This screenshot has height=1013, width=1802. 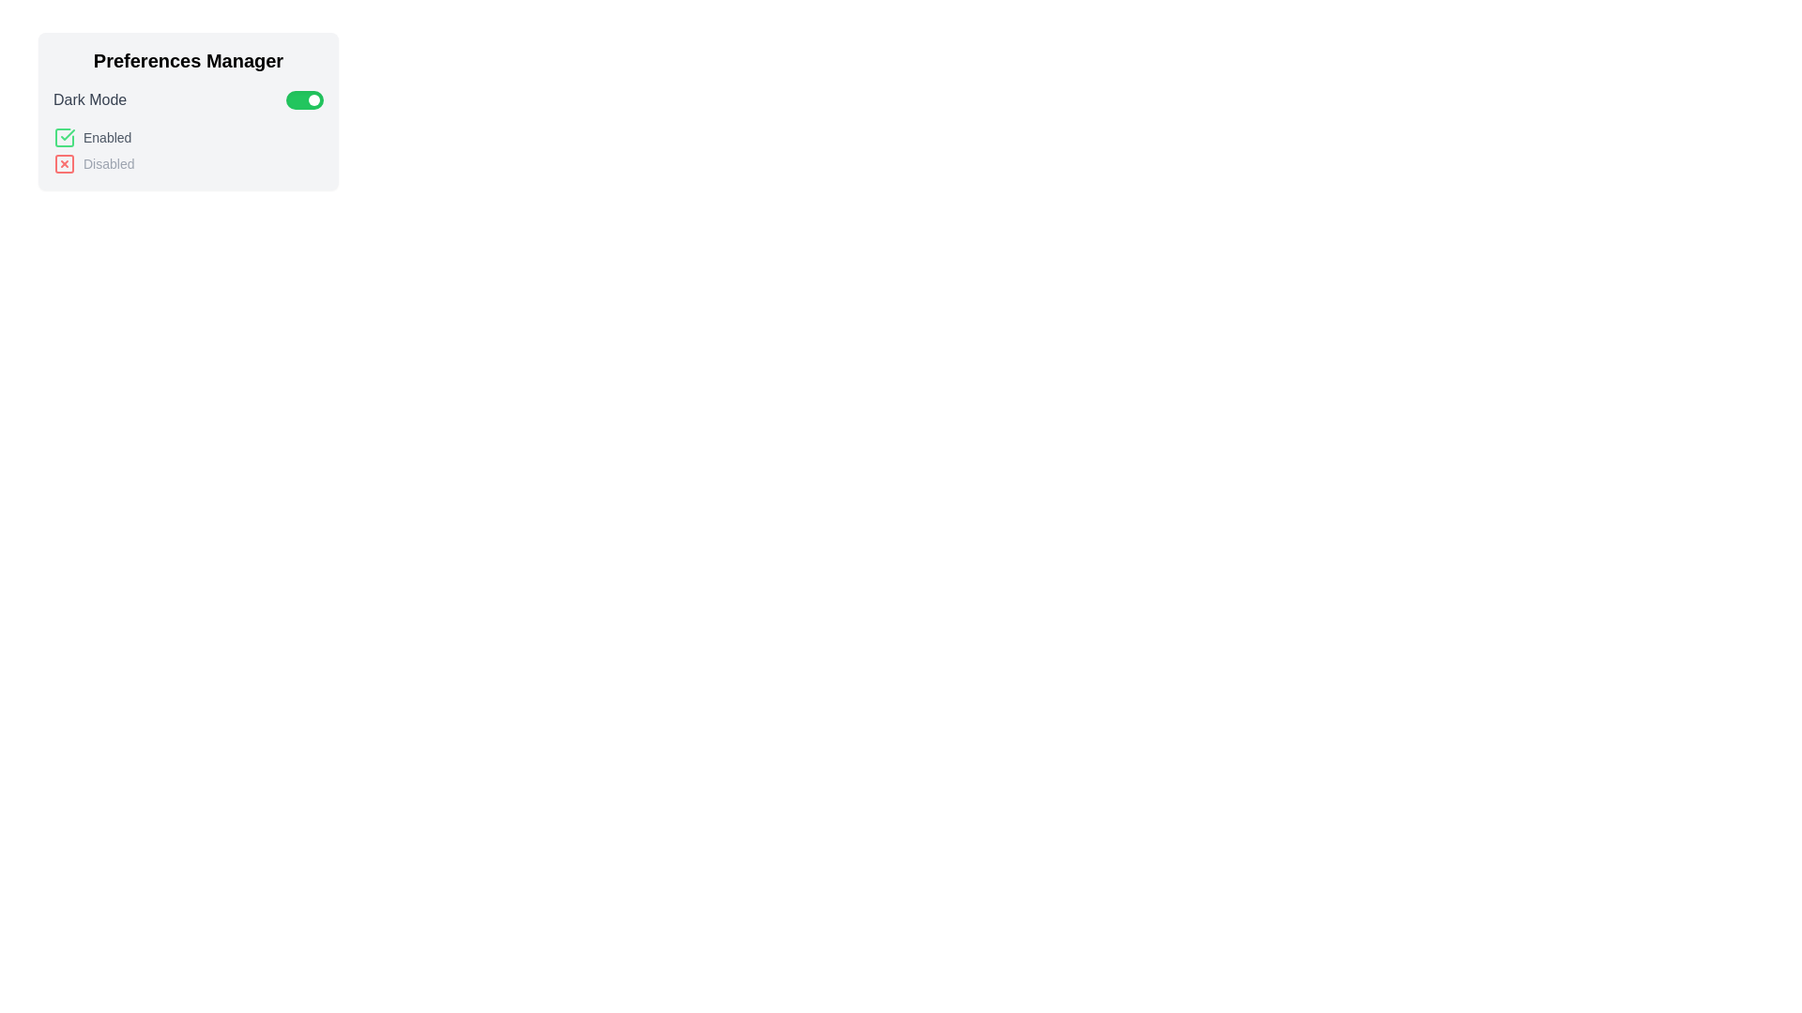 I want to click on the red square icon with an 'X' shape, located below the 'Enabled' label in the Preferences Manager panel, to interact with its related preference, so click(x=64, y=162).